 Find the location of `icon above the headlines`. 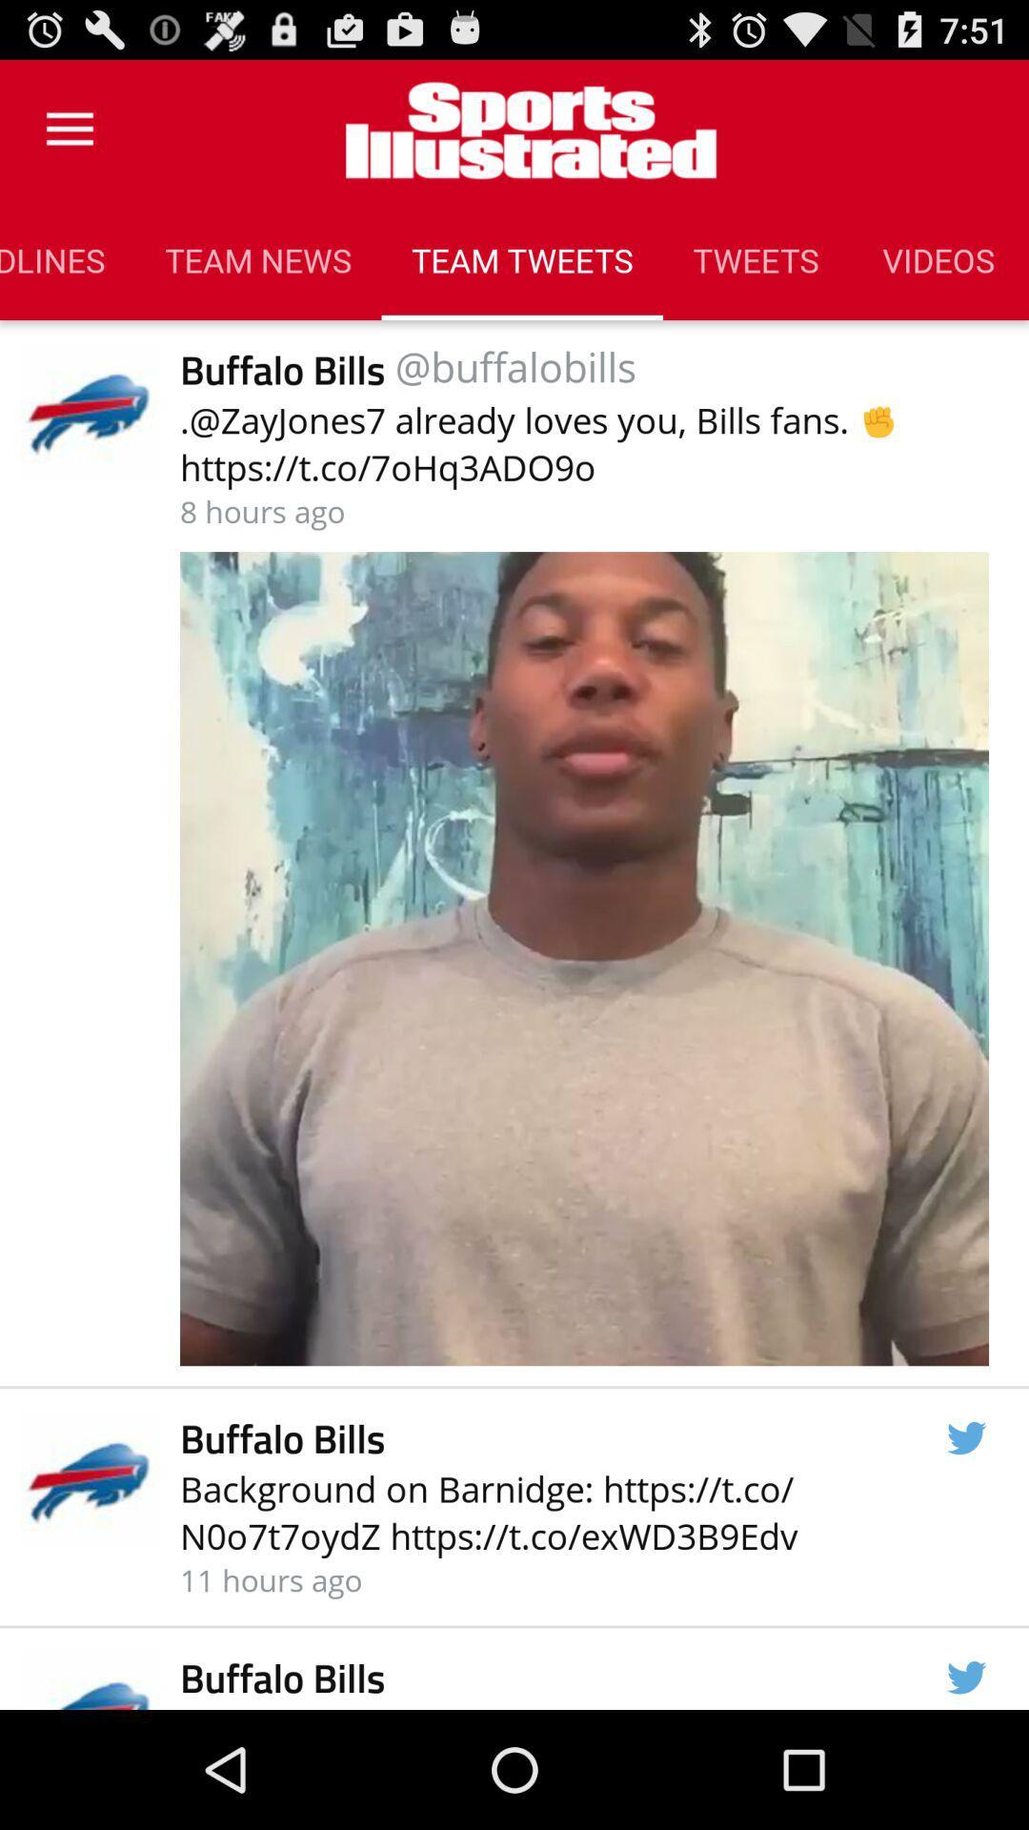

icon above the headlines is located at coordinates (69, 129).